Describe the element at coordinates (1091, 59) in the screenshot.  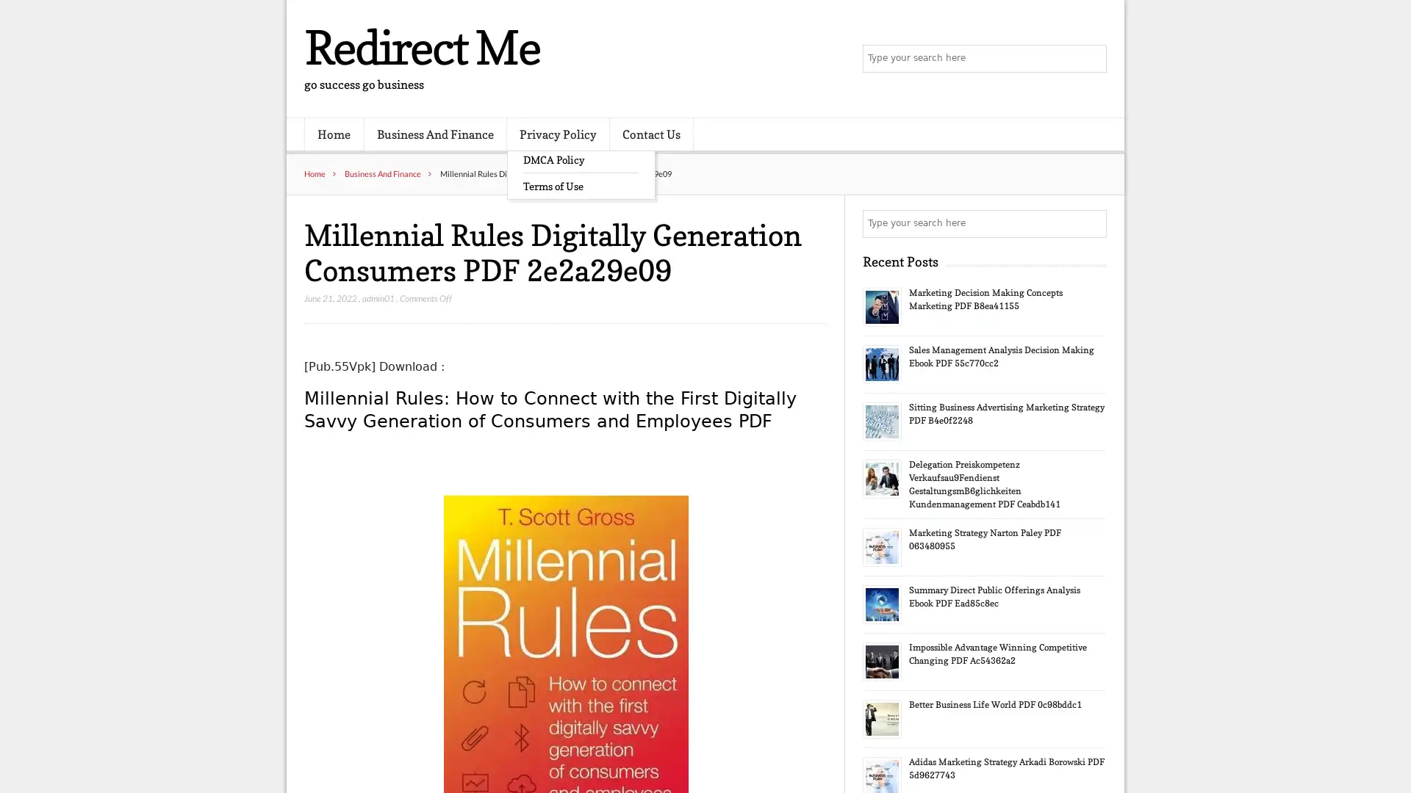
I see `Search` at that location.